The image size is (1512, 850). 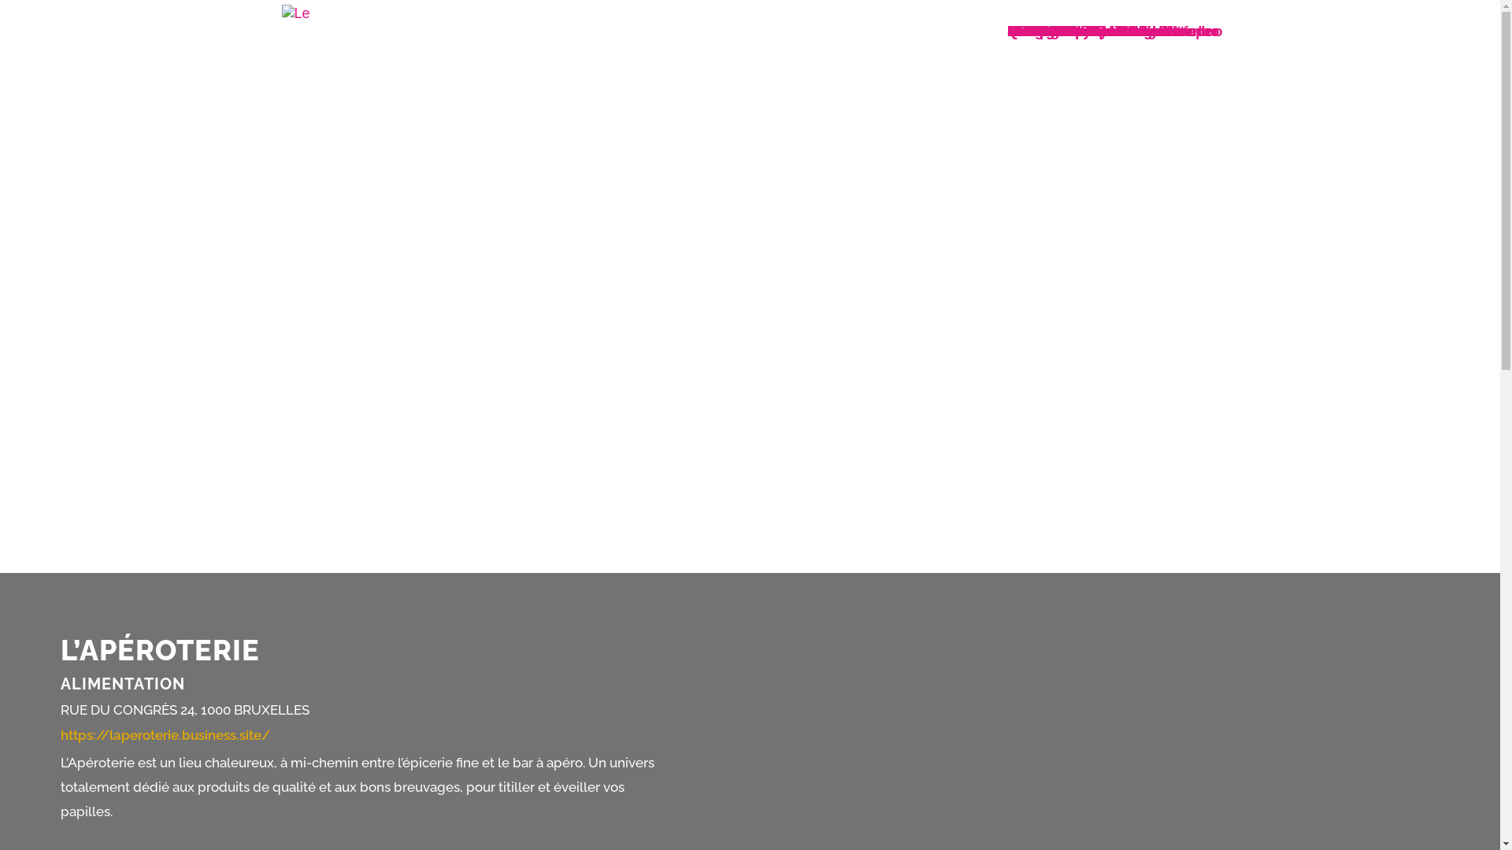 What do you see at coordinates (1043, 31) in the screenshot?
I see `'La Cambre'` at bounding box center [1043, 31].